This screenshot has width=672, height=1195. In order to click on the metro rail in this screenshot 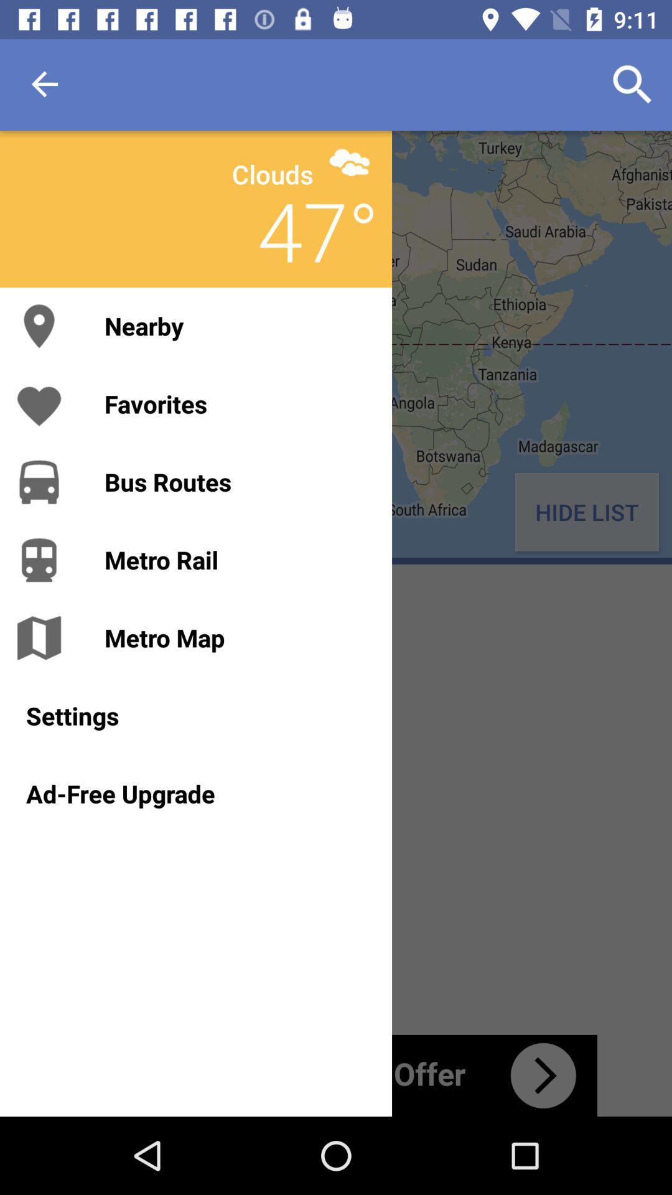, I will do `click(235, 559)`.